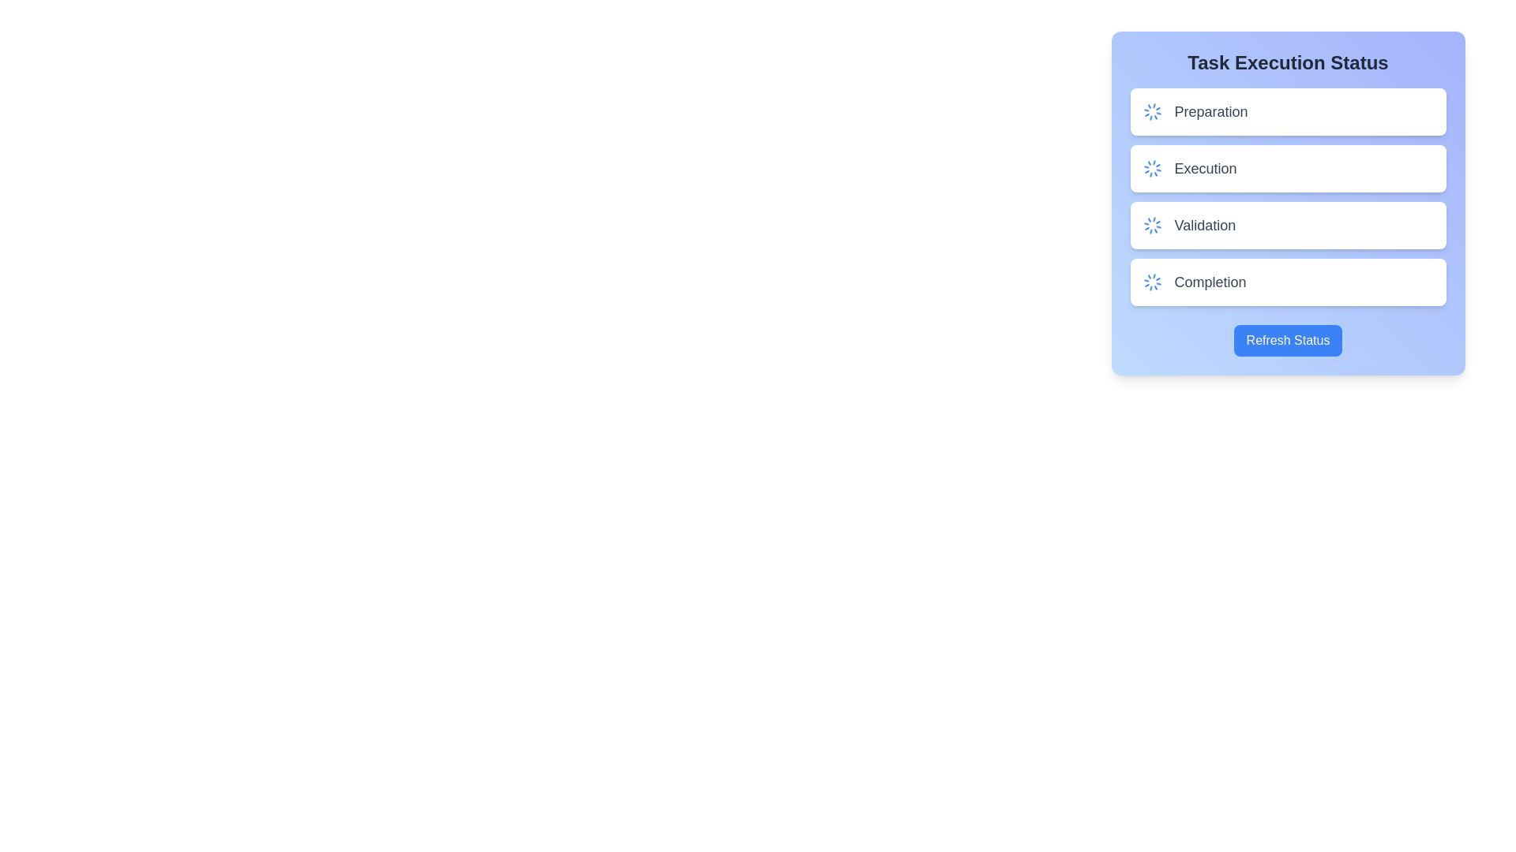  What do you see at coordinates (1288, 340) in the screenshot?
I see `the refresh button located at the bottom of the 'Task Execution Status' panel to change its shade` at bounding box center [1288, 340].